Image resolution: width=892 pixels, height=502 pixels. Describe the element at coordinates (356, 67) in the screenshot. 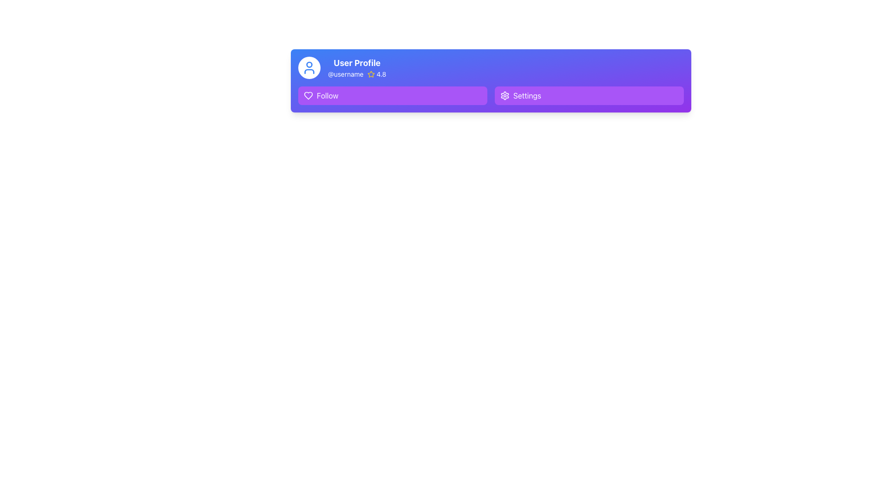

I see `the Text Display with Icon that shows the user's profile name, username, and rating, positioned to the right of the circular user icon and above the 'Follow' and 'Settings' buttons` at that location.